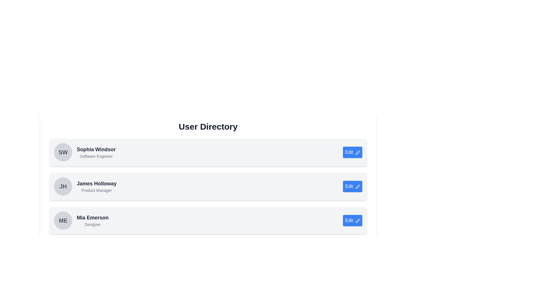 The height and width of the screenshot is (307, 546). What do you see at coordinates (97, 186) in the screenshot?
I see `the Text Display containing 'James Holloway' and 'Product Manager' in the second user card, located to the center-right of the avatar labeled 'JH'` at bounding box center [97, 186].